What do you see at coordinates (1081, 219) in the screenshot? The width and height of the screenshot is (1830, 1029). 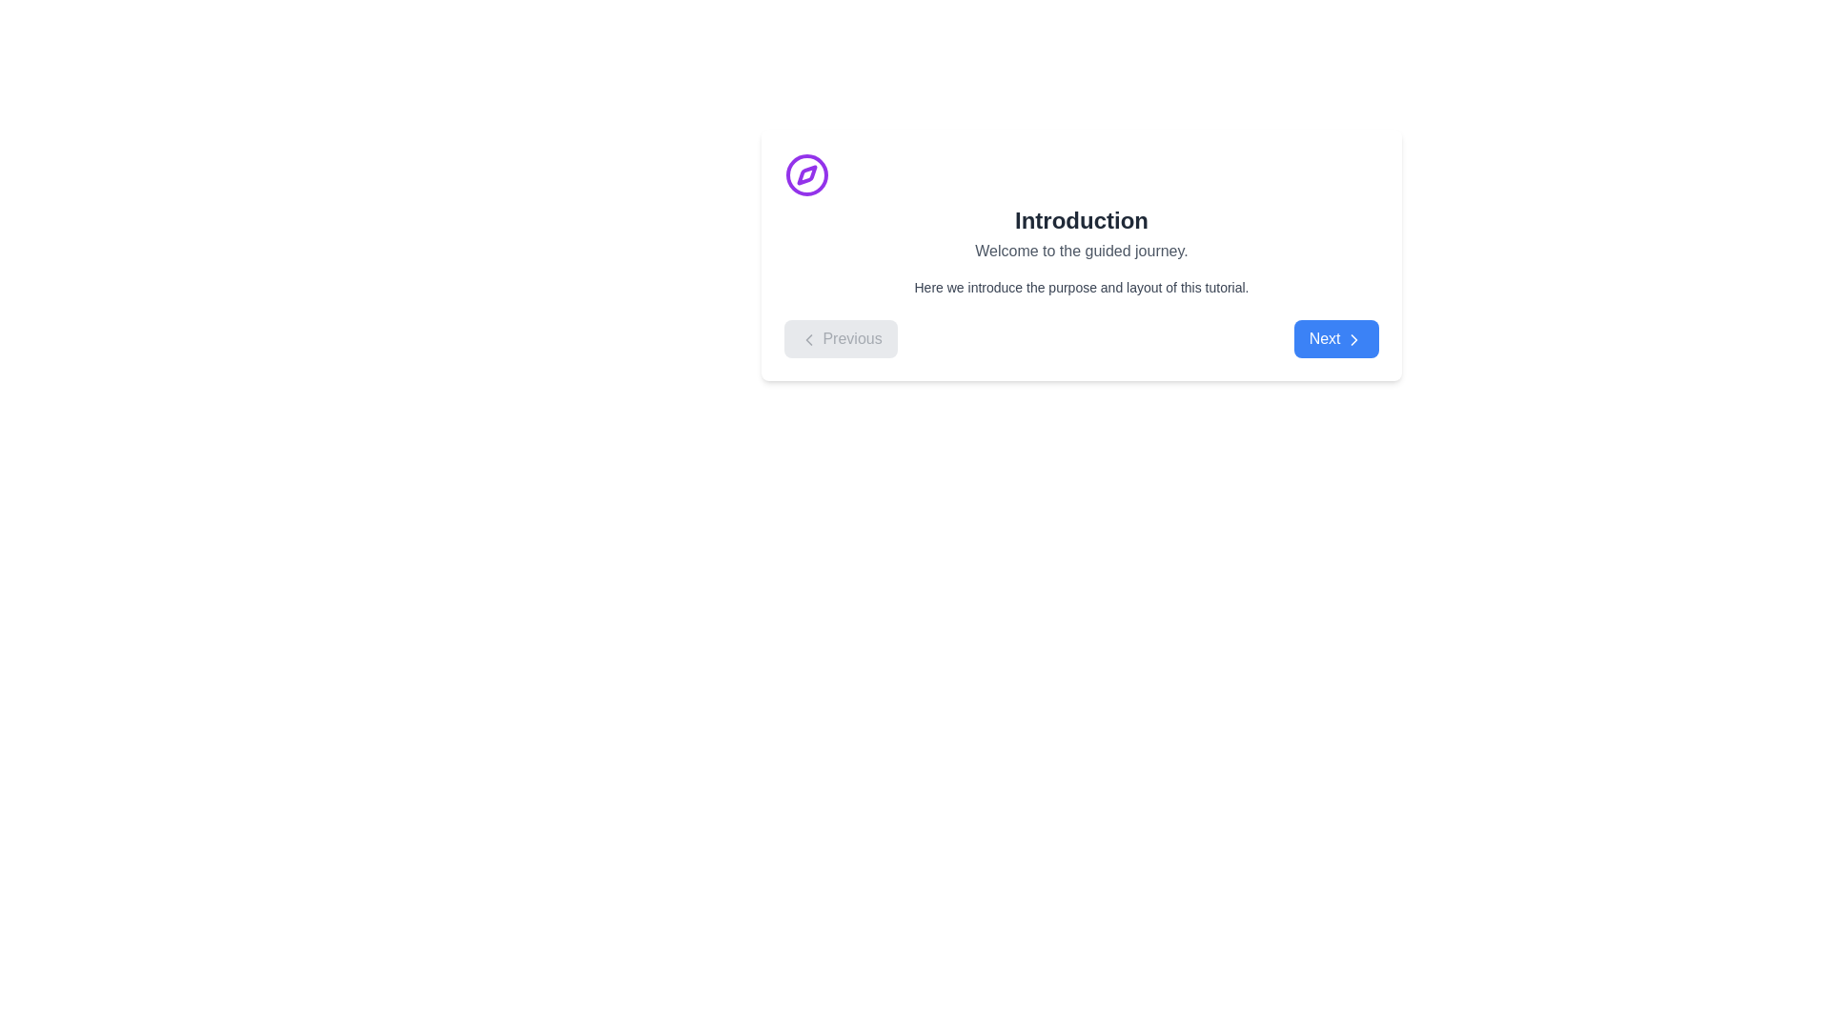 I see `the heading element styled with bold, large font that says 'Introduction', located centrally above the sentence 'Welcome to the guided journey'` at bounding box center [1081, 219].